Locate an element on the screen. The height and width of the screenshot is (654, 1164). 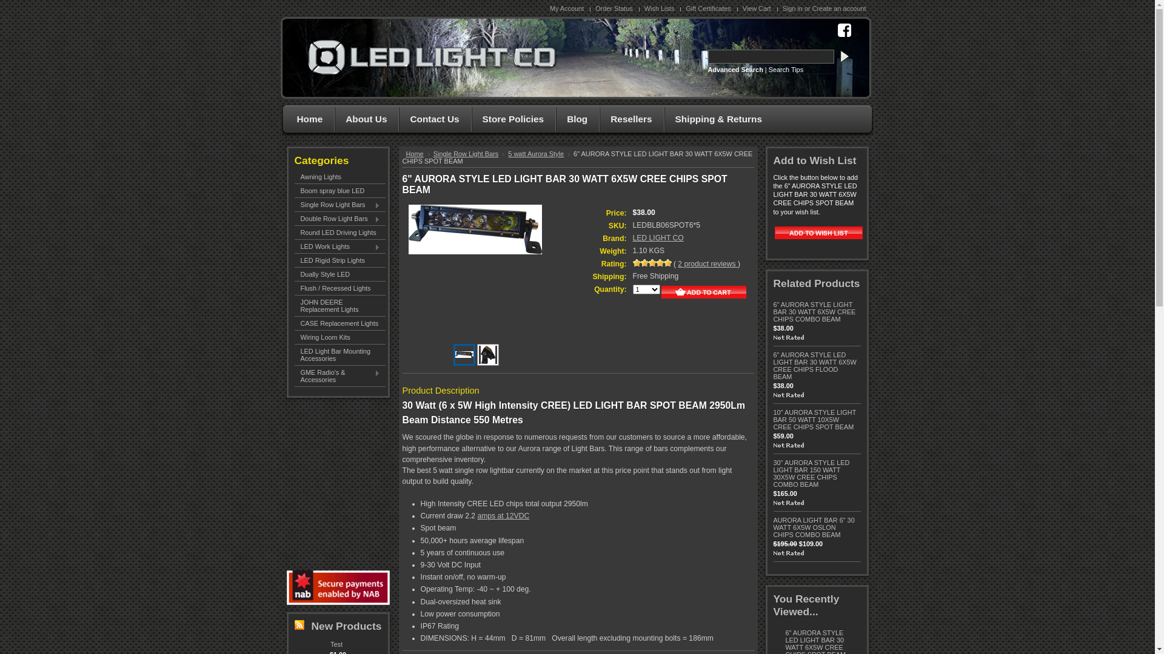
'Round LED Driving Lights' is located at coordinates (339, 233).